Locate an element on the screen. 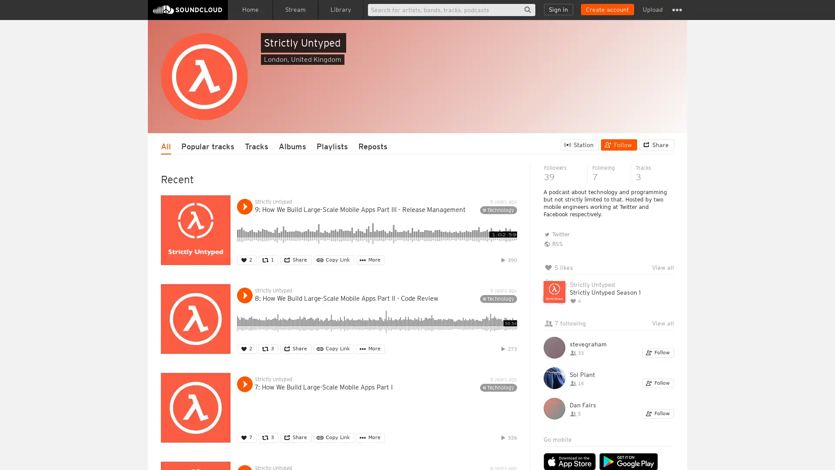  Hide queue is located at coordinates (668, 238).